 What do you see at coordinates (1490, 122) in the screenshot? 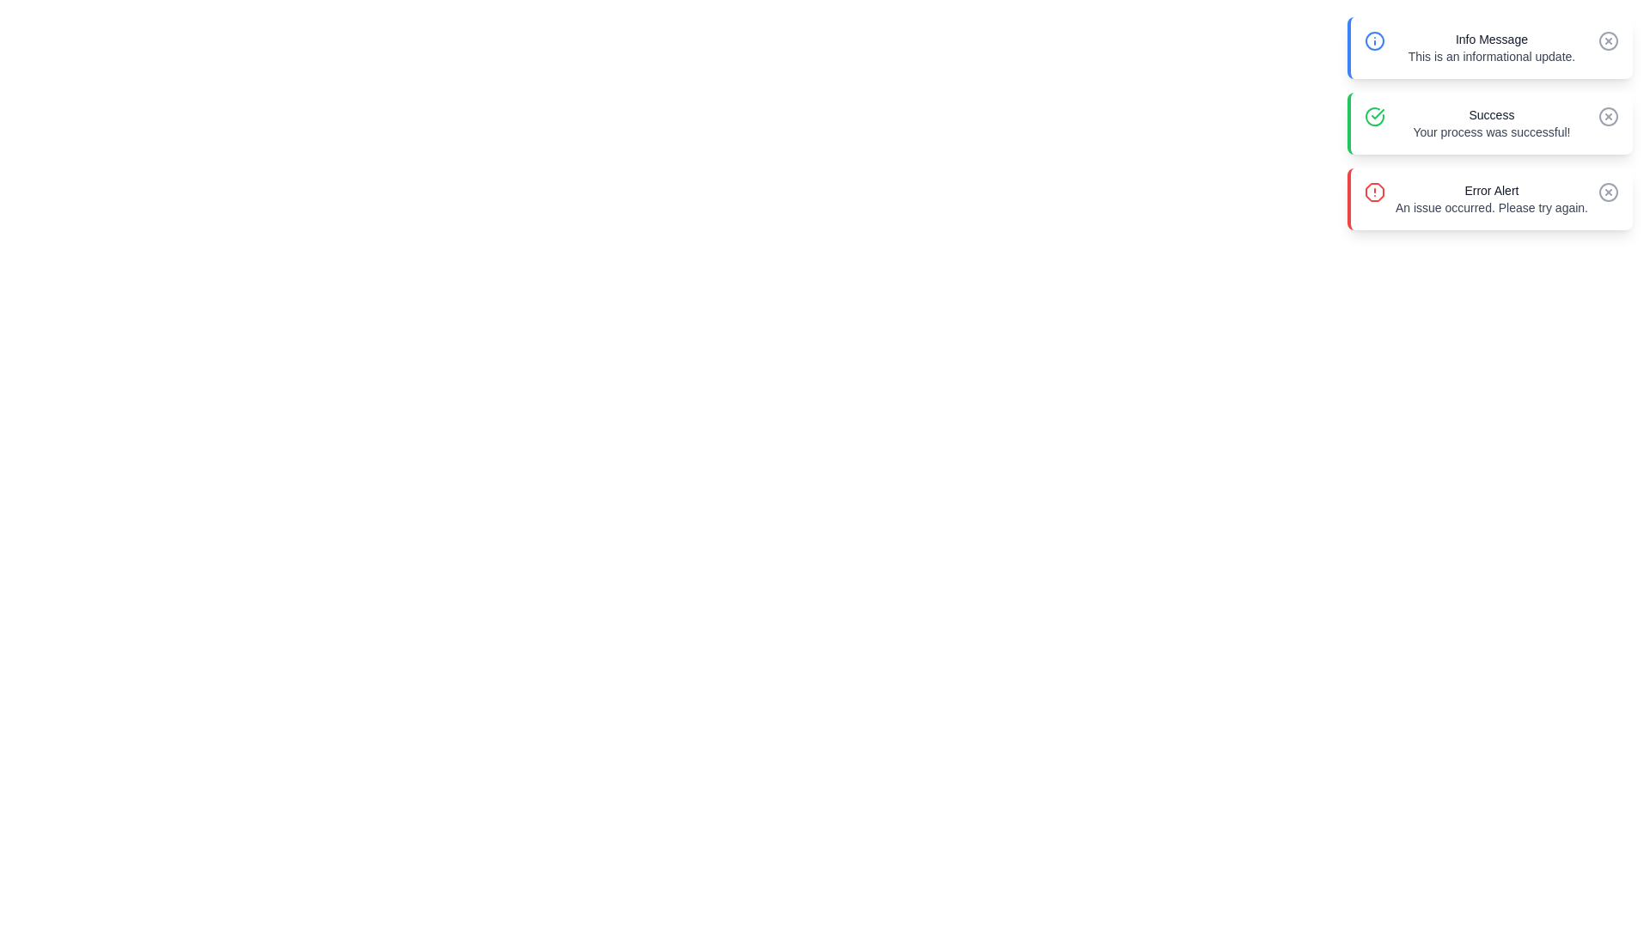
I see `the success notification component located at the top right of the interface, which is the second notification in a vertical column and bordered in green` at bounding box center [1490, 122].